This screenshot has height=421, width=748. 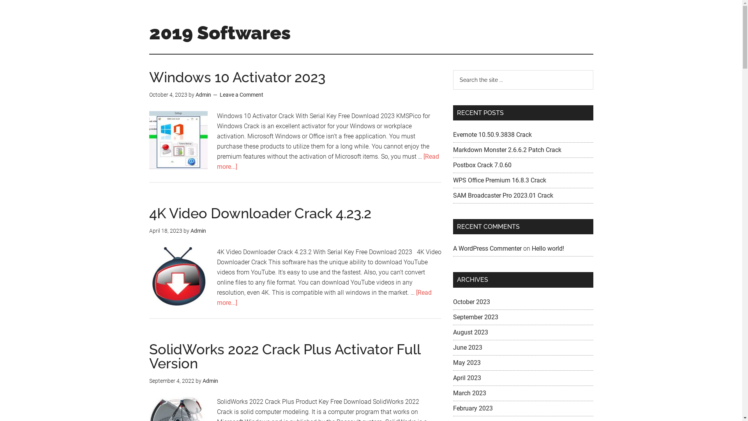 What do you see at coordinates (466, 363) in the screenshot?
I see `'May 2023'` at bounding box center [466, 363].